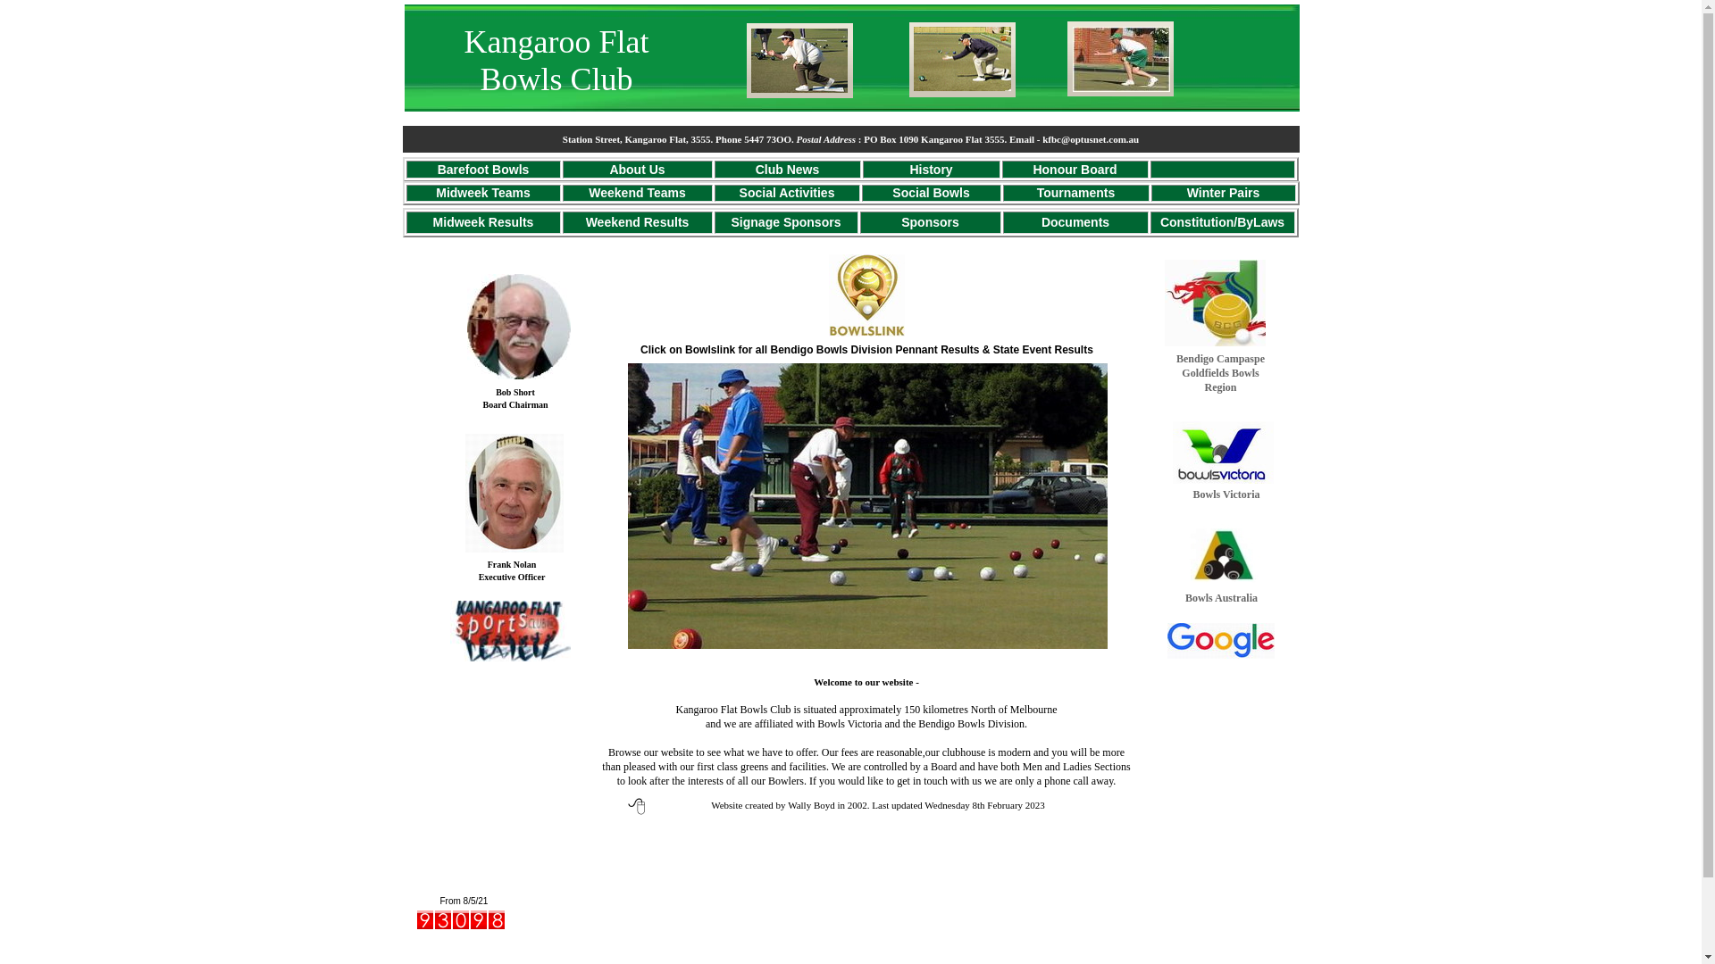 The width and height of the screenshot is (1715, 964). I want to click on 'Weekend Teams', so click(637, 192).